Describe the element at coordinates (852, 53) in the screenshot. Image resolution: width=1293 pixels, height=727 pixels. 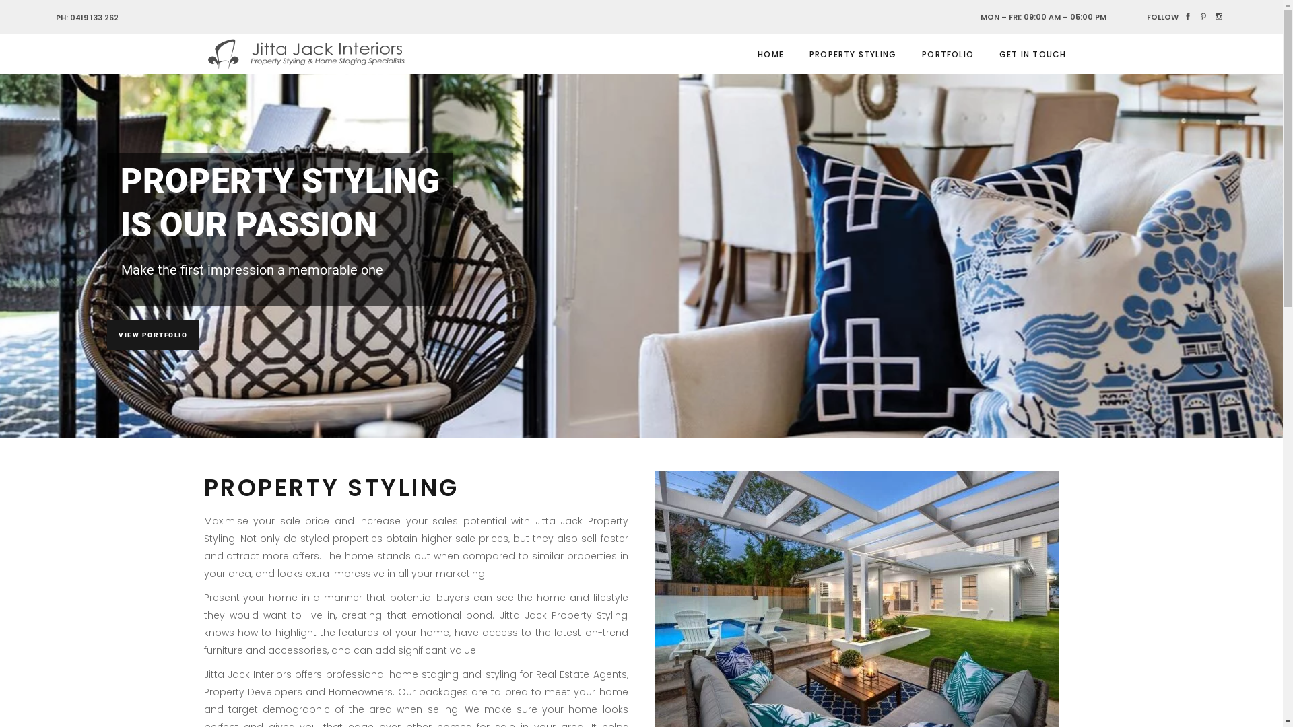
I see `'PROPERTY STYLING'` at that location.